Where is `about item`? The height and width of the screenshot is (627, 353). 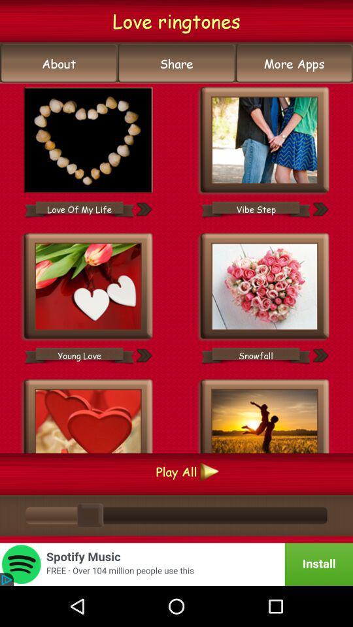 about item is located at coordinates (58, 63).